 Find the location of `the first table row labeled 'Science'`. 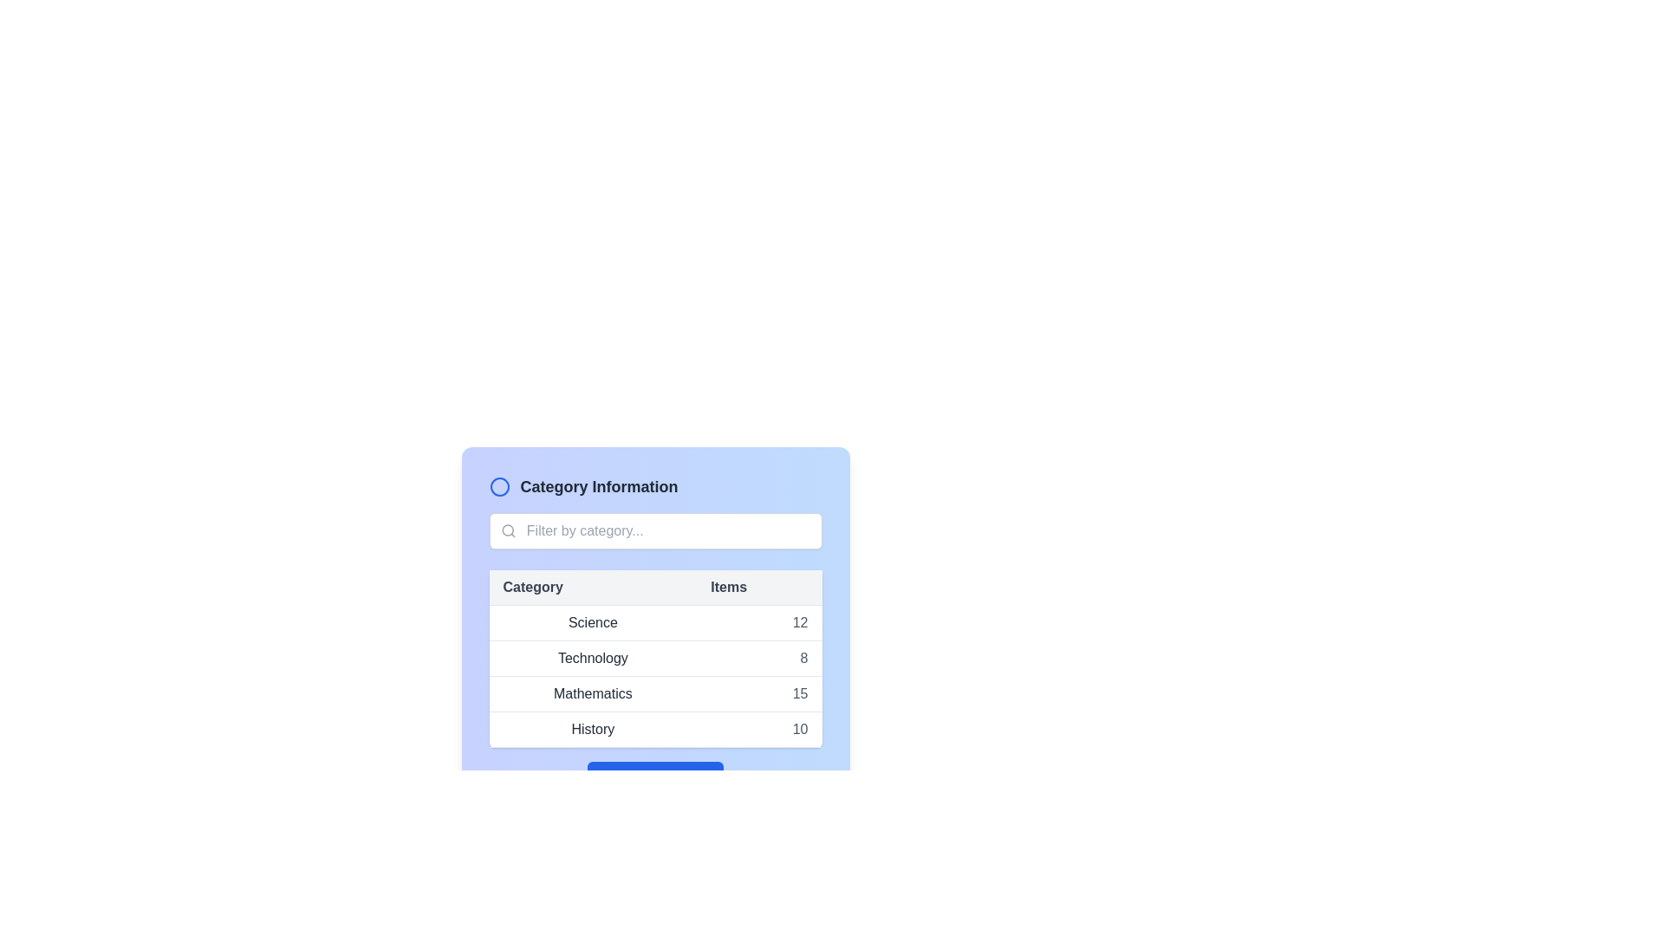

the first table row labeled 'Science' is located at coordinates (654, 621).